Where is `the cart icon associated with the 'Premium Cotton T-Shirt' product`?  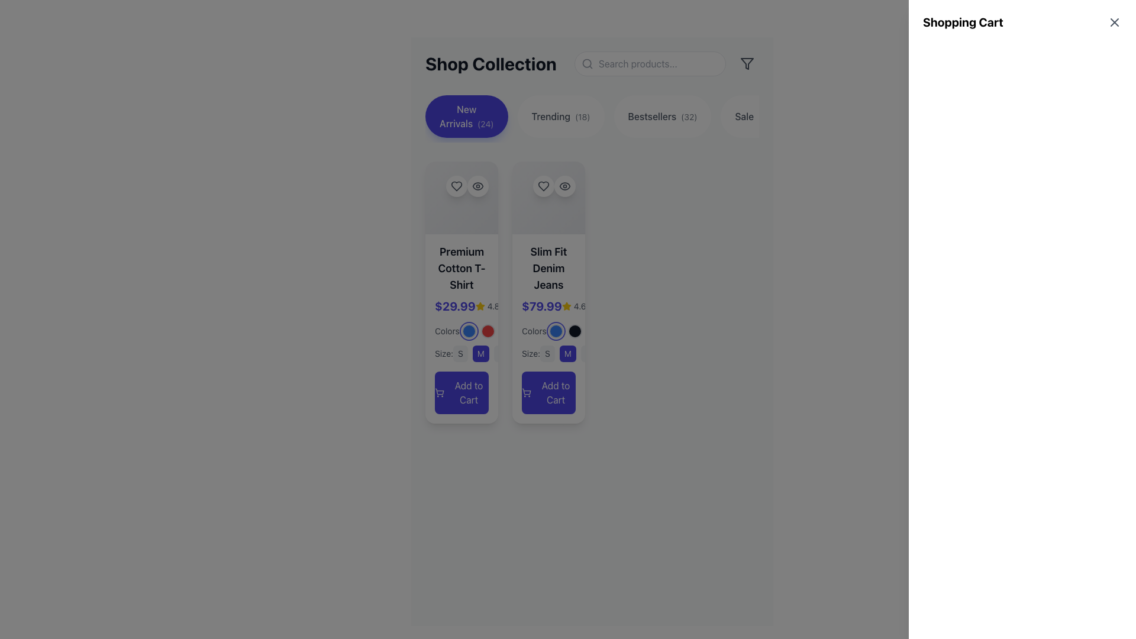
the cart icon associated with the 'Premium Cotton T-Shirt' product is located at coordinates (439, 392).